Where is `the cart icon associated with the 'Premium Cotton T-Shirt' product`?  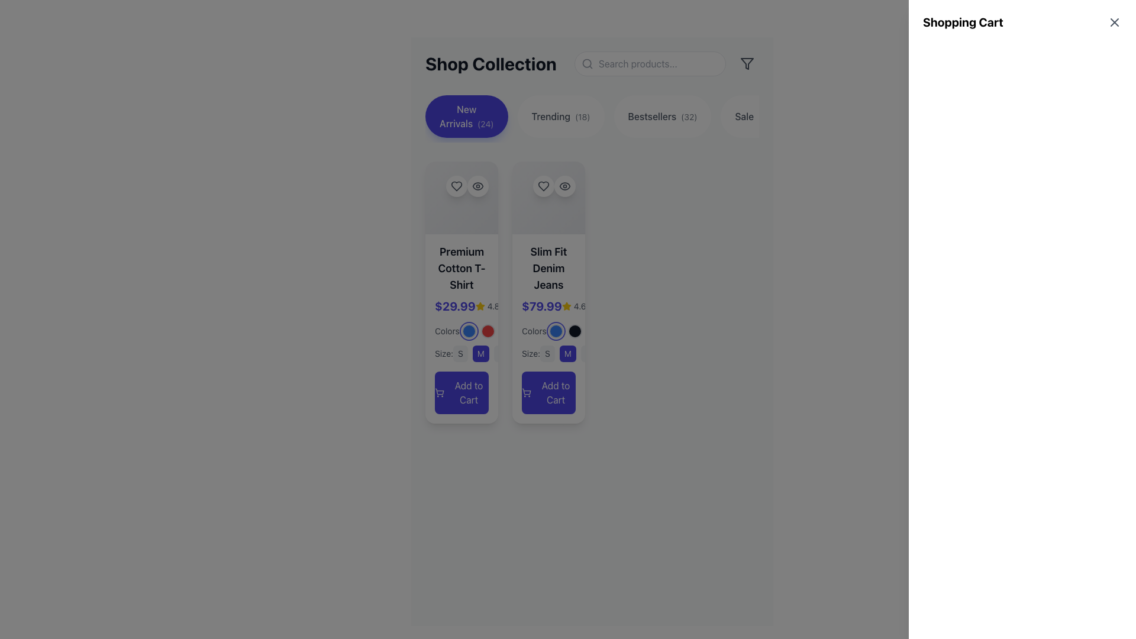
the cart icon associated with the 'Premium Cotton T-Shirt' product is located at coordinates (439, 392).